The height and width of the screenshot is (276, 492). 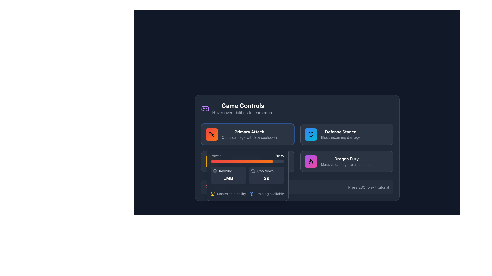 I want to click on the square icon with a gradient background and a black shield outline in the top-right section of the 'Defense Stance' interface, so click(x=310, y=134).